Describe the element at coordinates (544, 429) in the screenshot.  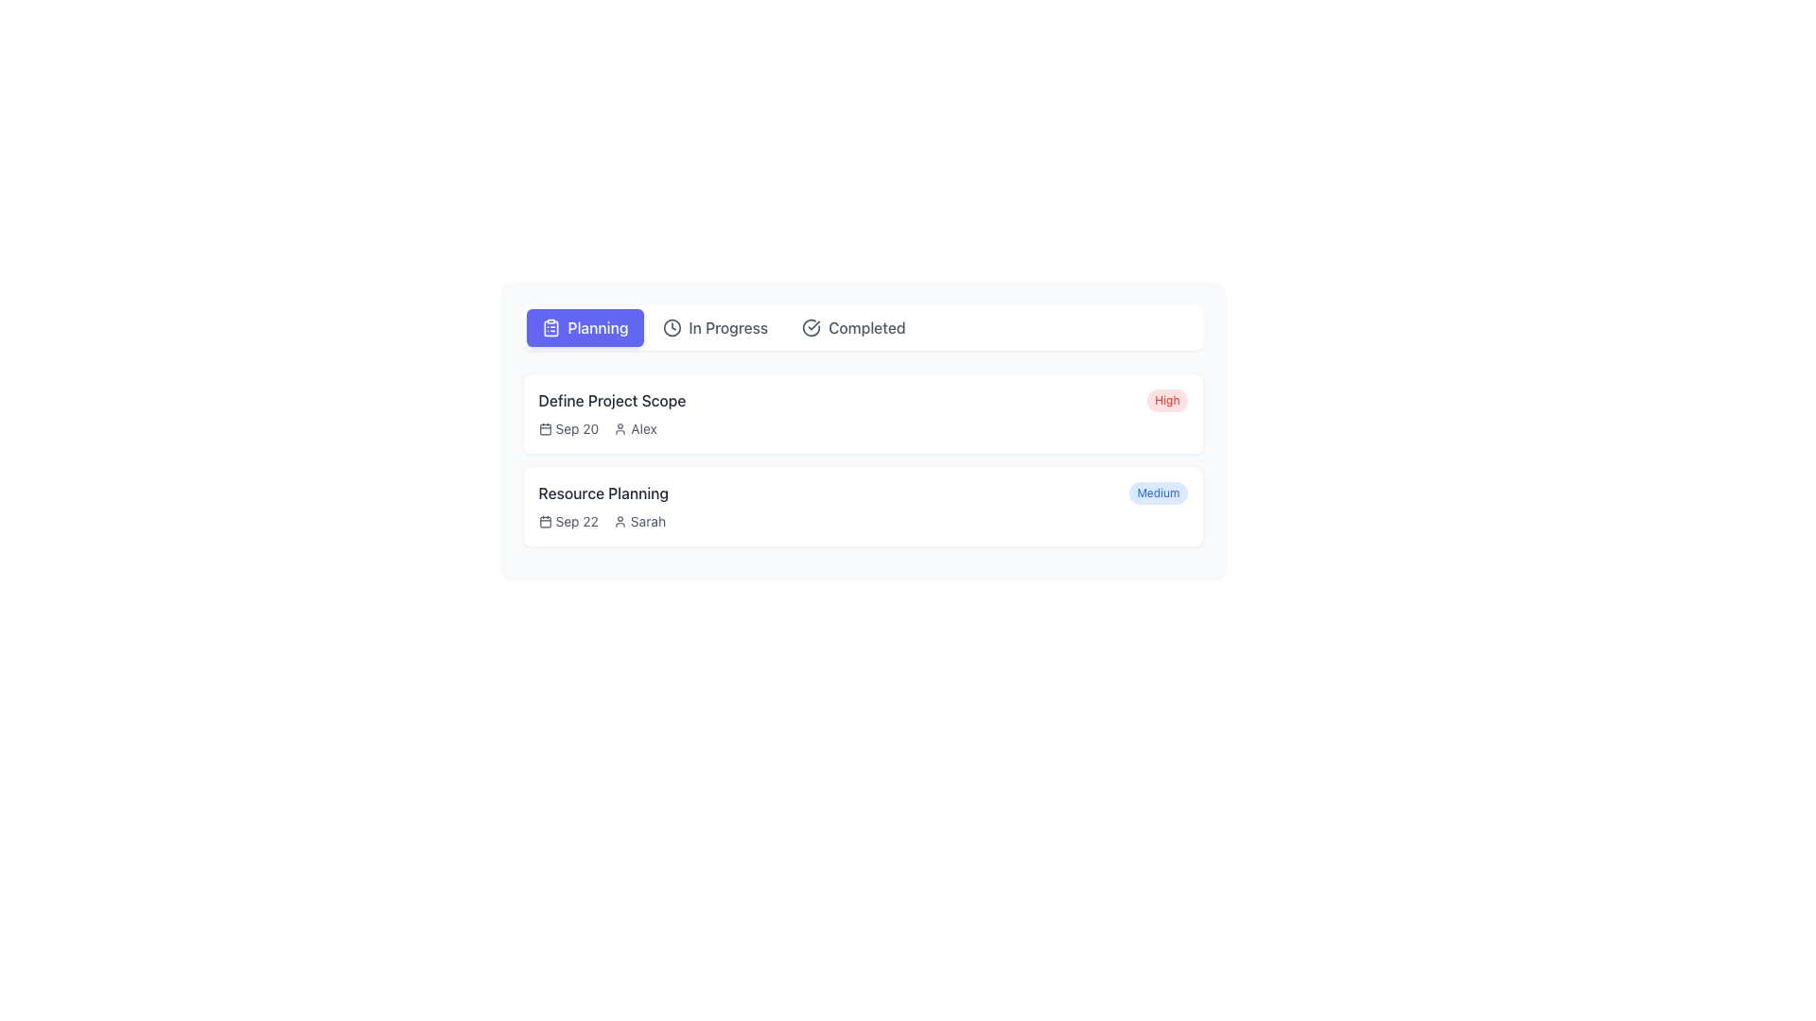
I see `the calendar icon indicating scheduling or date selection located near the top left of the task item labeled 'Define Project Scope' under the 'Planning' section for information on the date` at that location.